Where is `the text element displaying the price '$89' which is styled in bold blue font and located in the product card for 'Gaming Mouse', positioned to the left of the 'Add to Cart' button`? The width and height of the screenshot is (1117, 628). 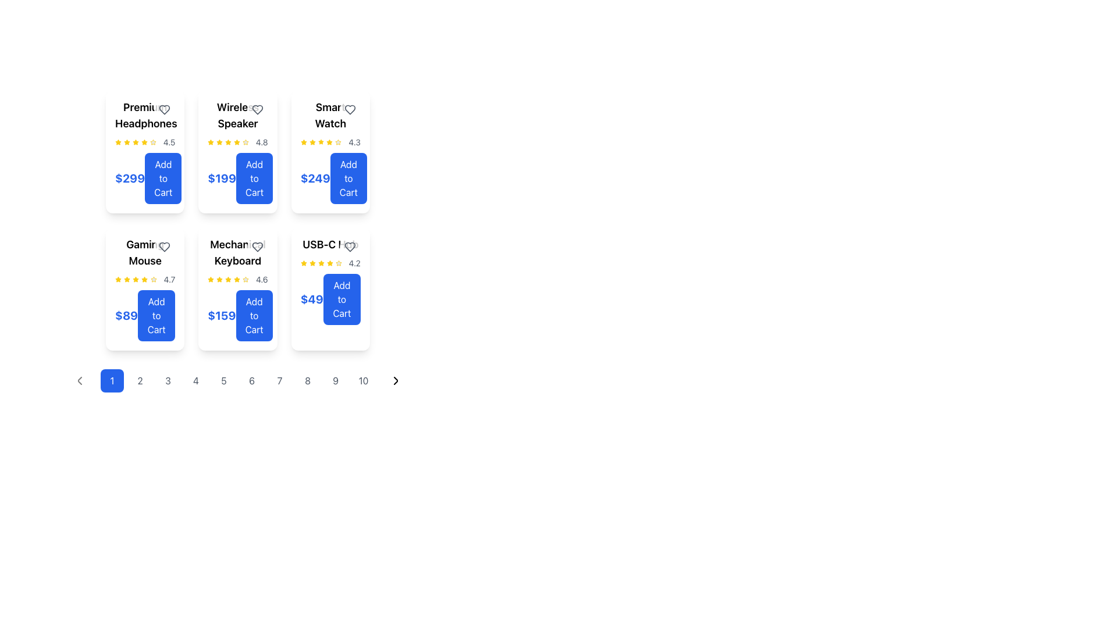 the text element displaying the price '$89' which is styled in bold blue font and located in the product card for 'Gaming Mouse', positioned to the left of the 'Add to Cart' button is located at coordinates (126, 316).